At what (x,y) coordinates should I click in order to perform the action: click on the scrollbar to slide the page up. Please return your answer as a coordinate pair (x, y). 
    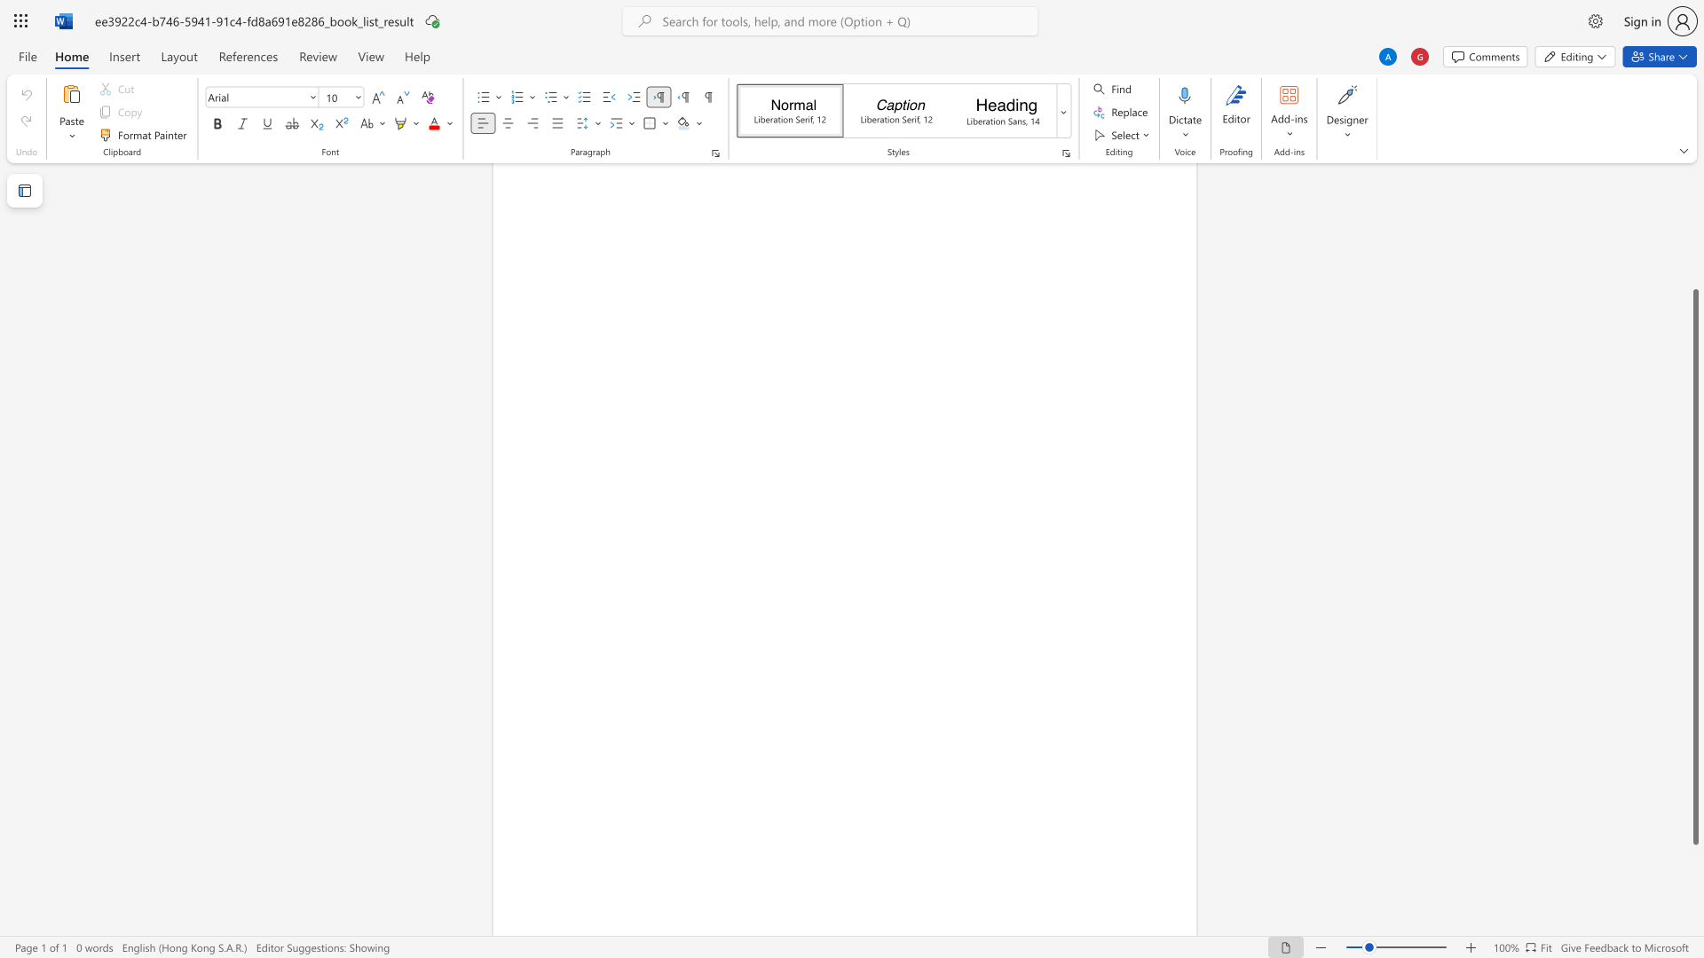
    Looking at the image, I should click on (1694, 229).